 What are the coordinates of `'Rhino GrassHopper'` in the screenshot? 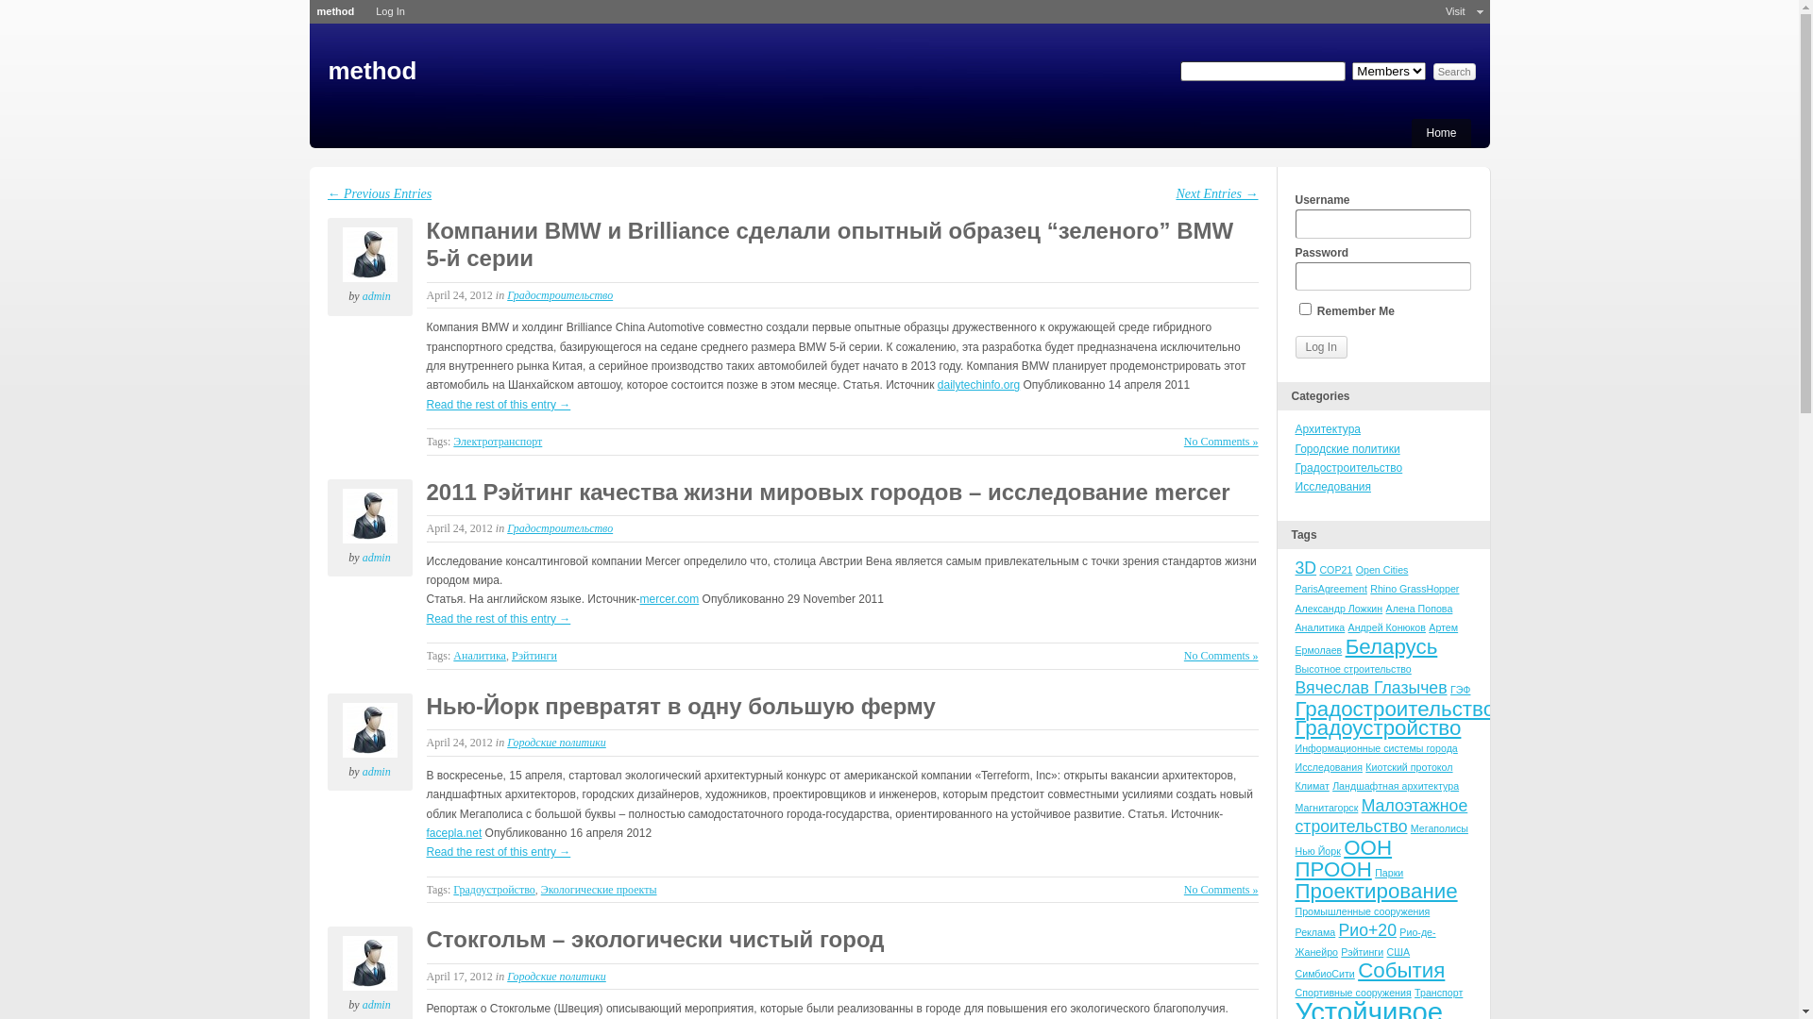 It's located at (1414, 588).